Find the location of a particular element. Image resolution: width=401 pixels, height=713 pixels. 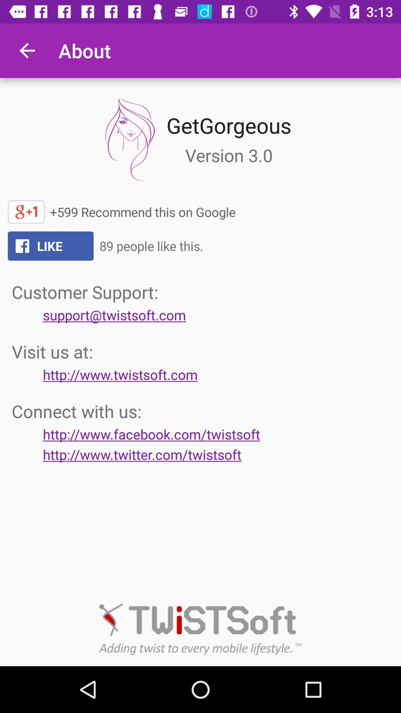

the button below the text customer support on the web page is located at coordinates (114, 315).